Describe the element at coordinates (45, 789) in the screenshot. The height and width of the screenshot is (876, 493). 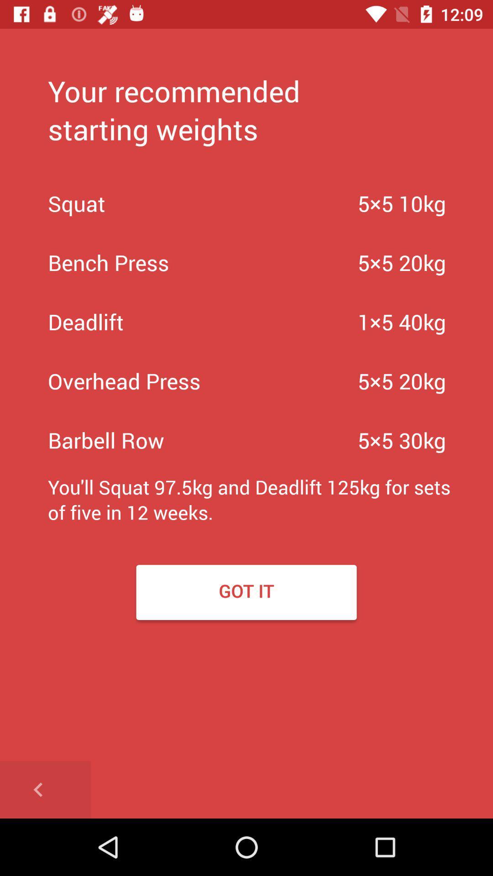
I see `go back` at that location.